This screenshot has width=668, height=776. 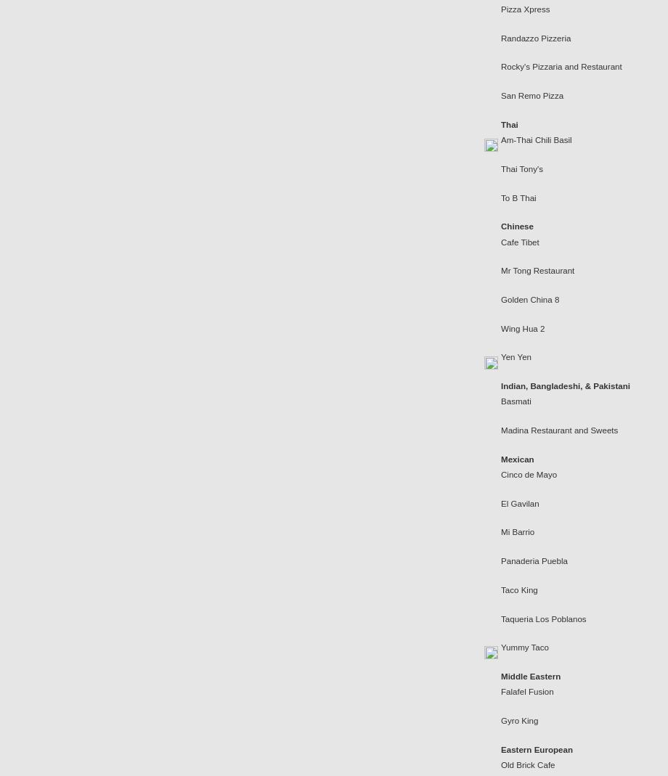 What do you see at coordinates (537, 270) in the screenshot?
I see `'Mr Tong Restaurant'` at bounding box center [537, 270].